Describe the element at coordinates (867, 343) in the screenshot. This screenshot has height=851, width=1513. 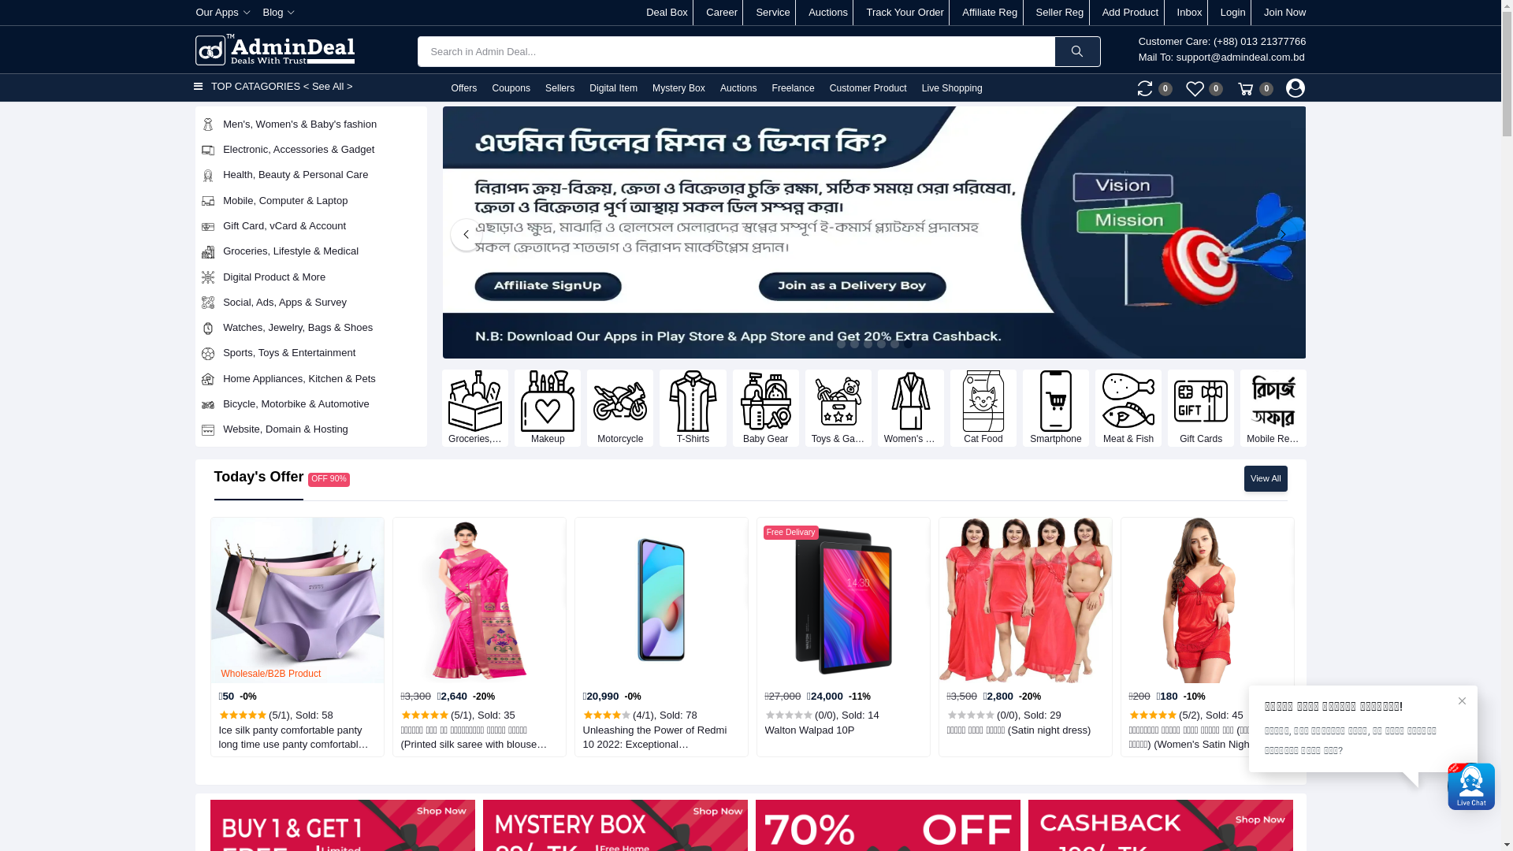
I see `'3'` at that location.